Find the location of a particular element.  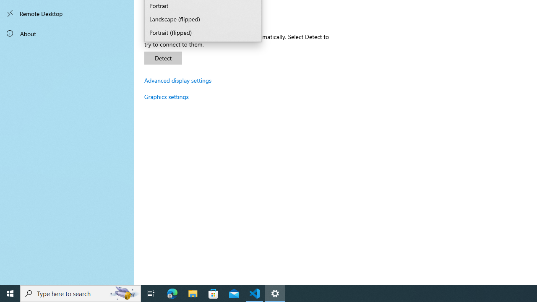

'About' is located at coordinates (67, 33).